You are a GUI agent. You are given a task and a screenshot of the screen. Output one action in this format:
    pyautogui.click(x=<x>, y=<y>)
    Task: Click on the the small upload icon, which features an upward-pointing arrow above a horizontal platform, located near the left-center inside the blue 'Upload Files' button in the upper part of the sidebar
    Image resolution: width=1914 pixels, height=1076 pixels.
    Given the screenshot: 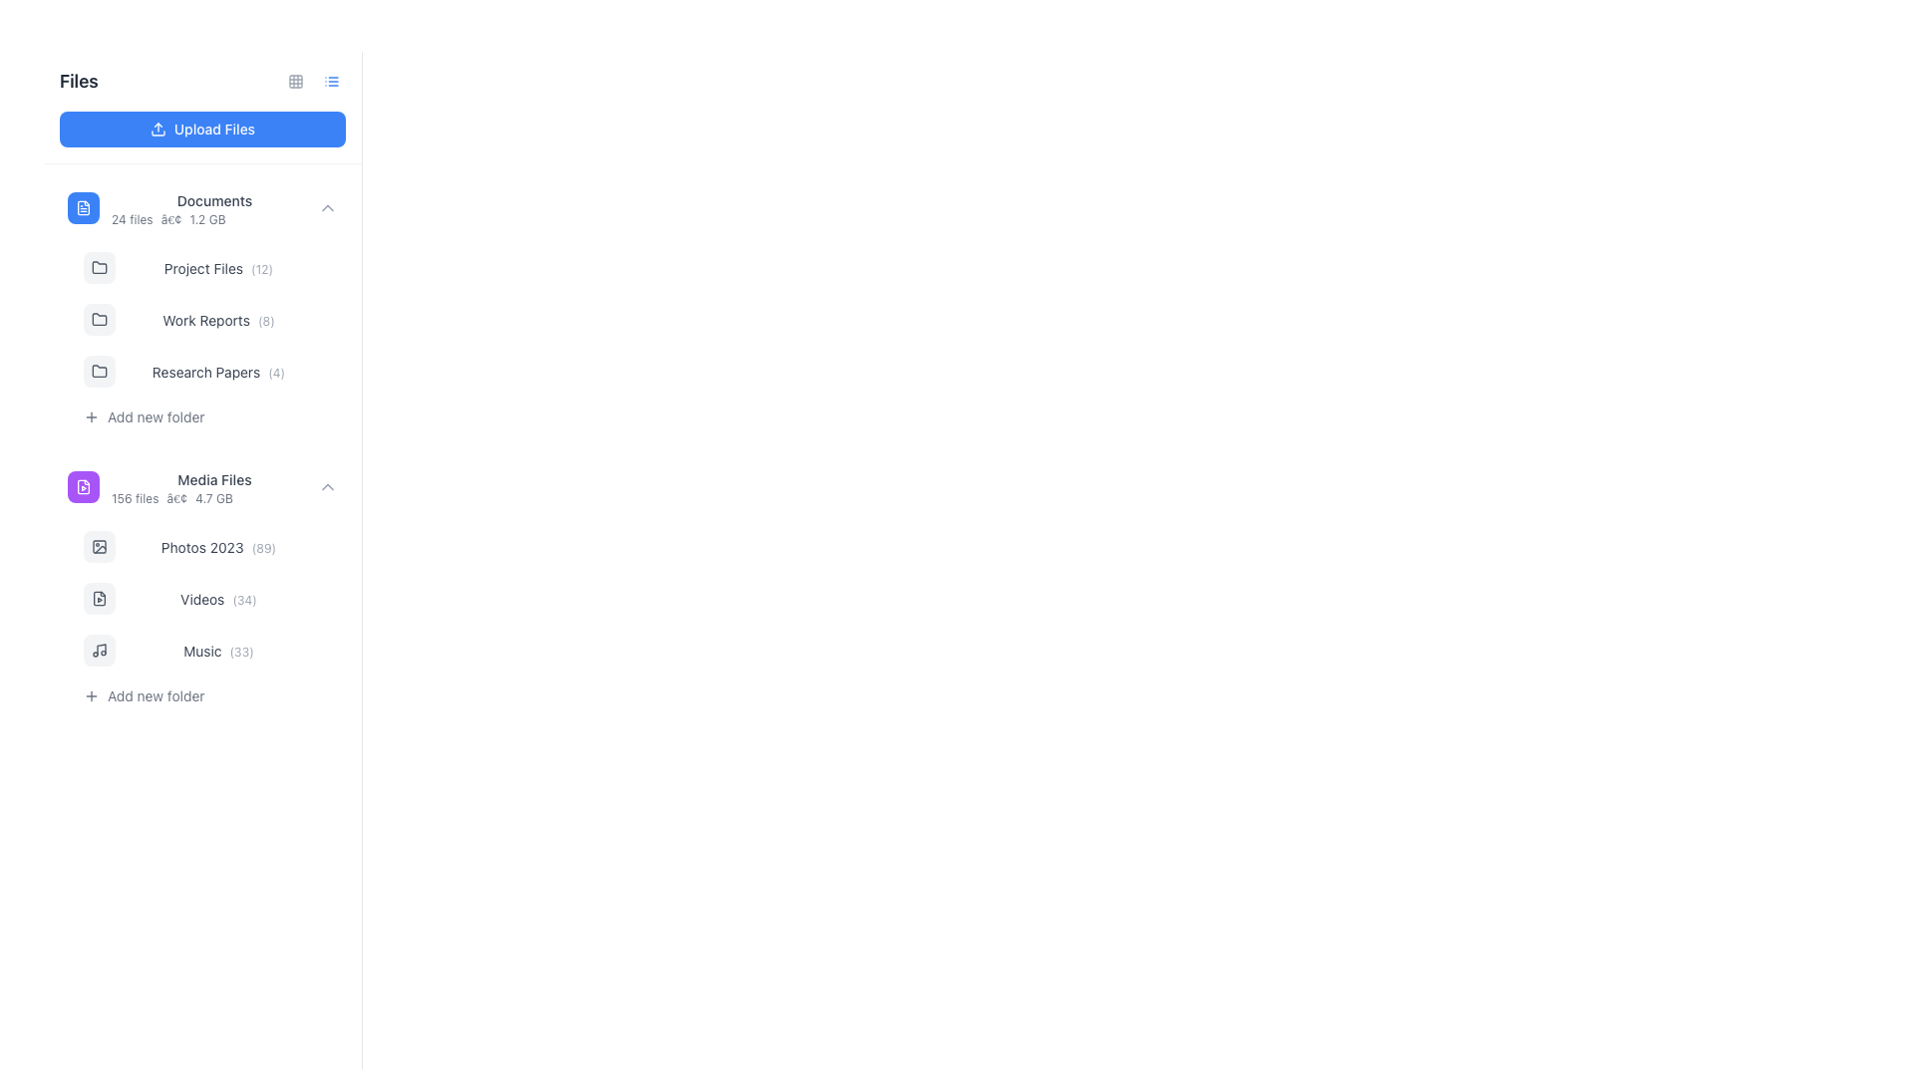 What is the action you would take?
    pyautogui.click(x=157, y=130)
    